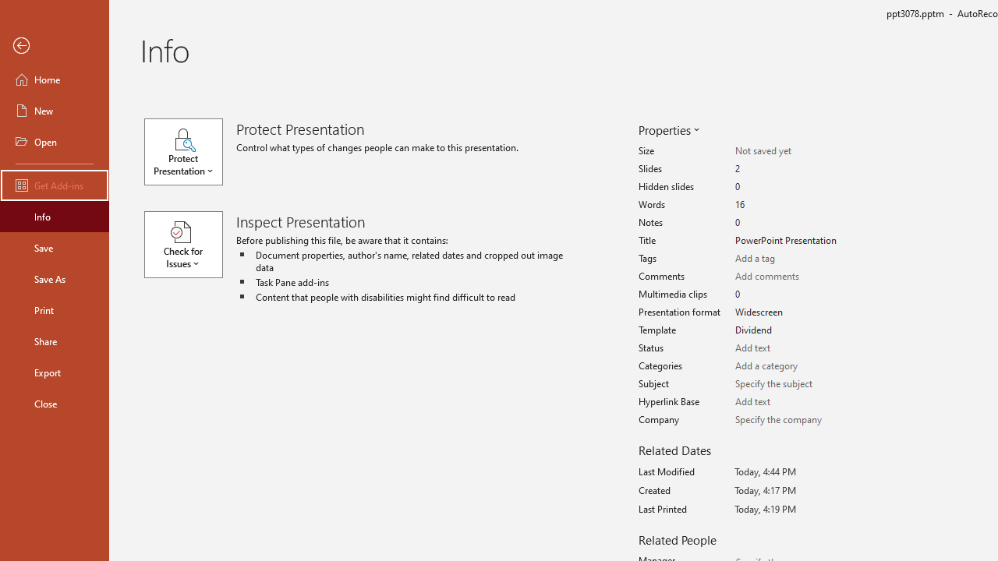  Describe the element at coordinates (789, 151) in the screenshot. I see `'Size'` at that location.